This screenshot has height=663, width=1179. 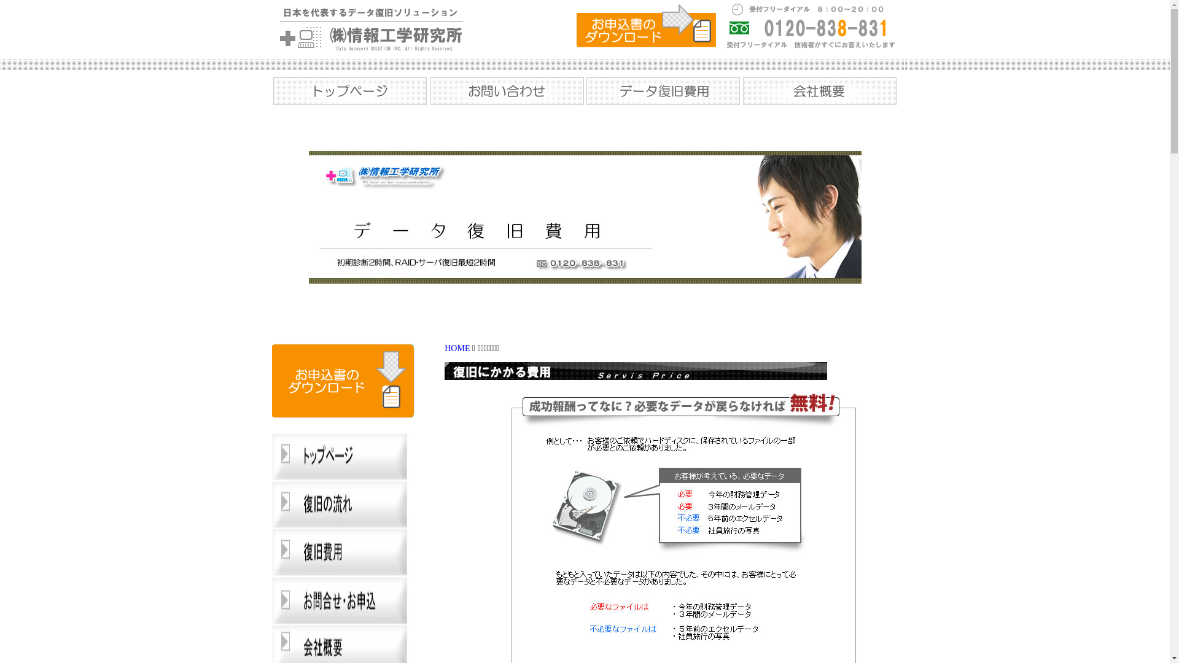 I want to click on 'HOME', so click(x=444, y=348).